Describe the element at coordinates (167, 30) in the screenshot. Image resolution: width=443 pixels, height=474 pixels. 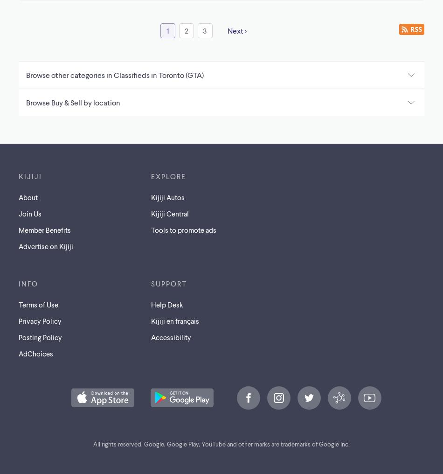
I see `'1'` at that location.